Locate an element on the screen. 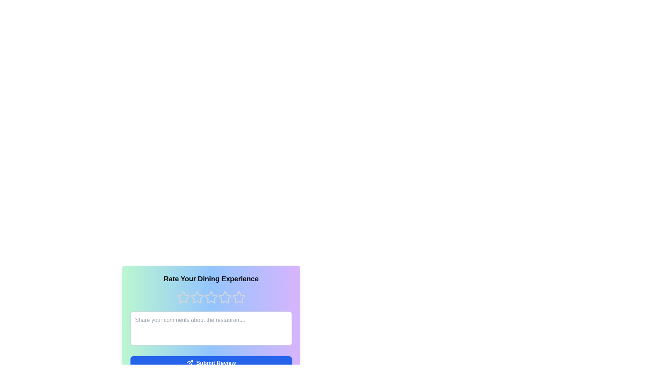 This screenshot has width=668, height=375. the fifth star icon is located at coordinates (239, 297).